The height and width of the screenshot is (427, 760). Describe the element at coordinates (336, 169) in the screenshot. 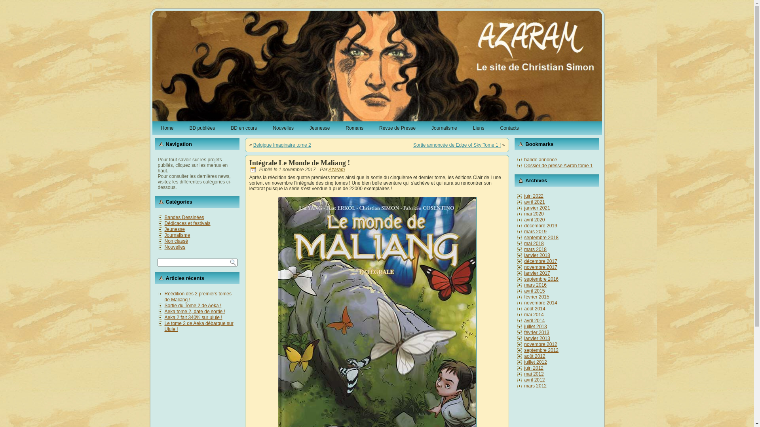

I see `'Azaram'` at that location.